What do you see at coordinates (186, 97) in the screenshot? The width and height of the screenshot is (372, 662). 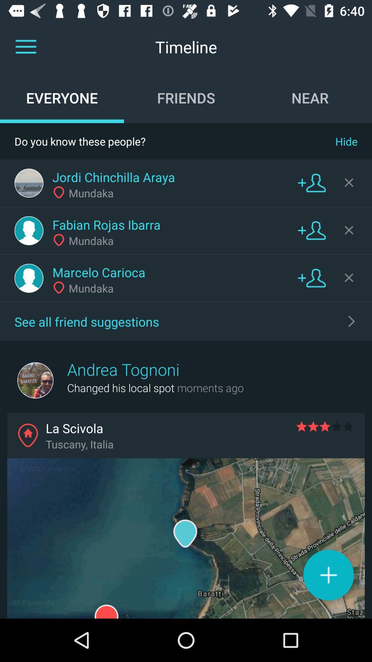 I see `the item to the left of near` at bounding box center [186, 97].